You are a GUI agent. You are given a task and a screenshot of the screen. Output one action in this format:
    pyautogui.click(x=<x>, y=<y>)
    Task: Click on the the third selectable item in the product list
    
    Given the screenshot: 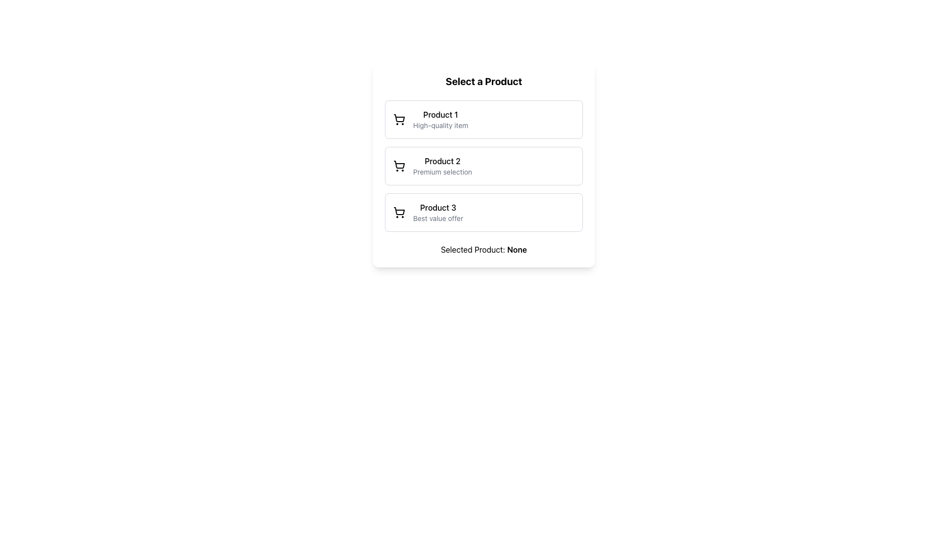 What is the action you would take?
    pyautogui.click(x=484, y=212)
    